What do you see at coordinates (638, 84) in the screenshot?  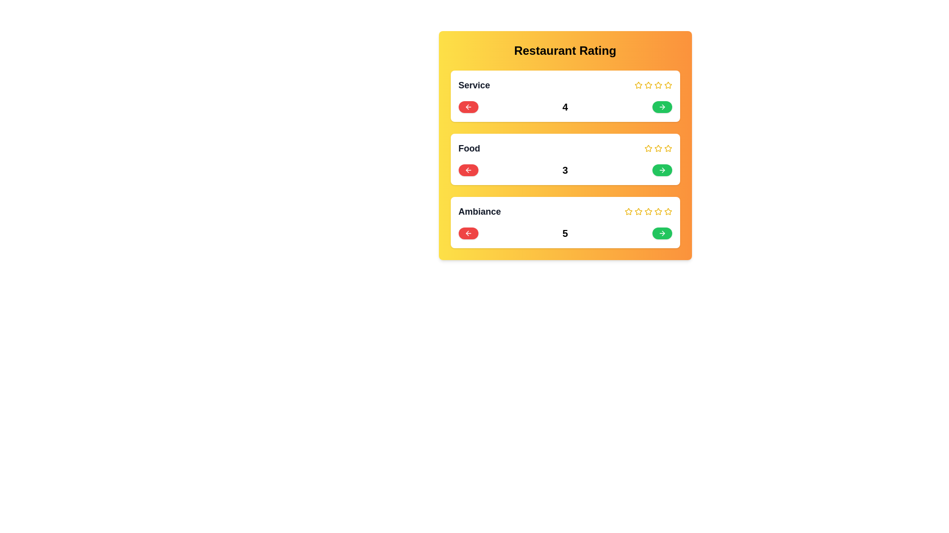 I see `the first star in the rating system` at bounding box center [638, 84].